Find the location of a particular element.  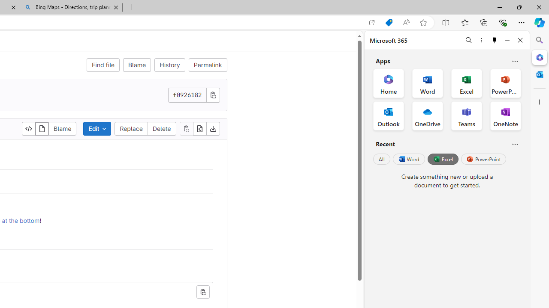

'Replace' is located at coordinates (131, 128).